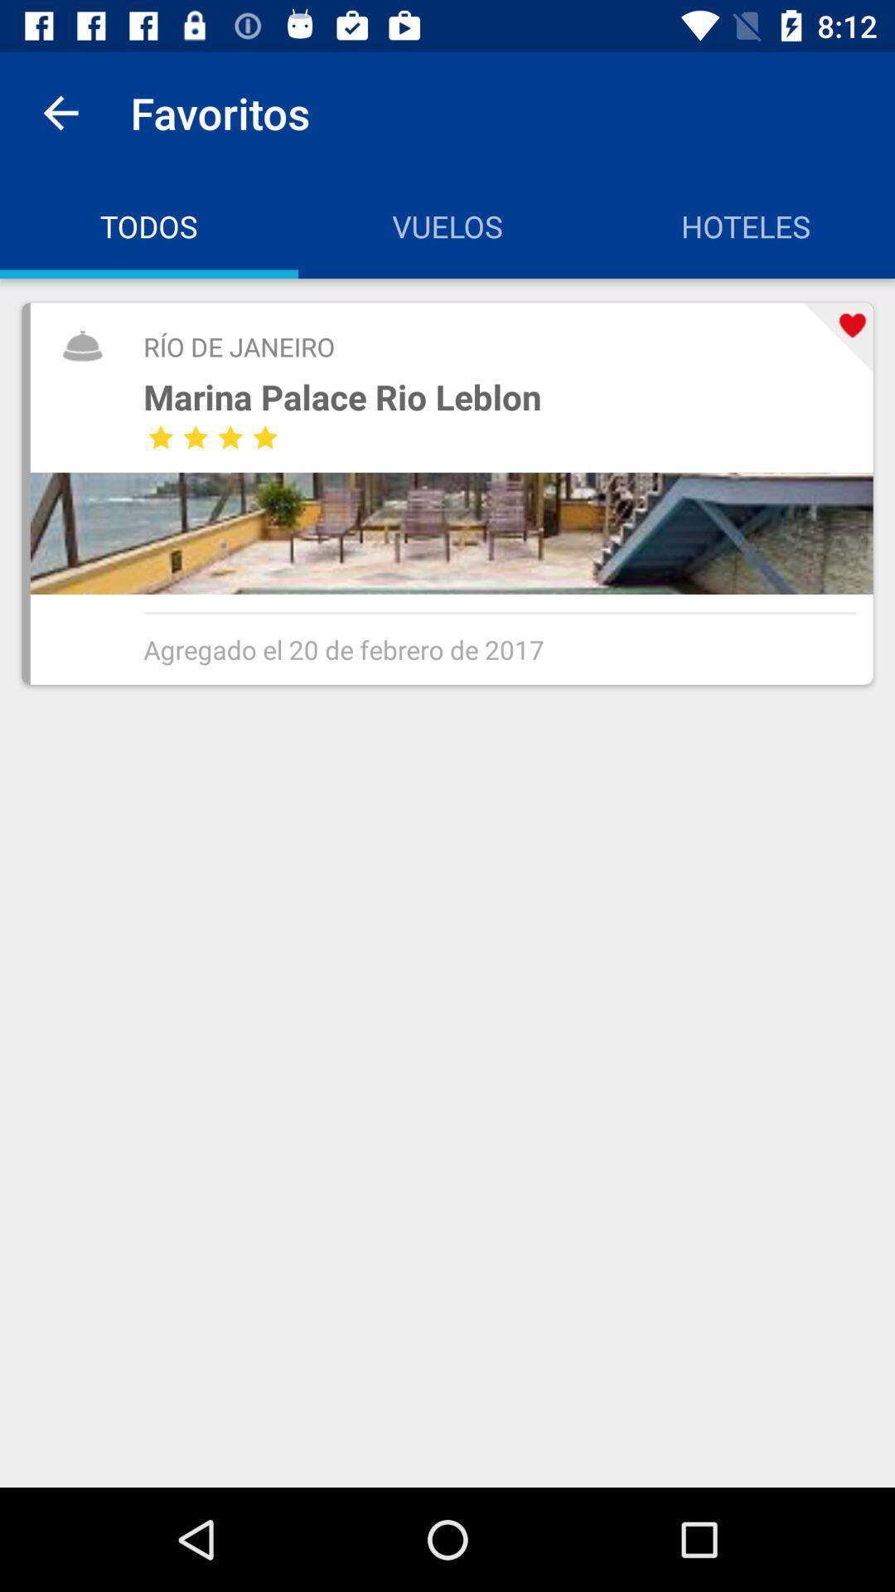  What do you see at coordinates (838, 337) in the screenshot?
I see `icon to the right of the marina palace rio` at bounding box center [838, 337].